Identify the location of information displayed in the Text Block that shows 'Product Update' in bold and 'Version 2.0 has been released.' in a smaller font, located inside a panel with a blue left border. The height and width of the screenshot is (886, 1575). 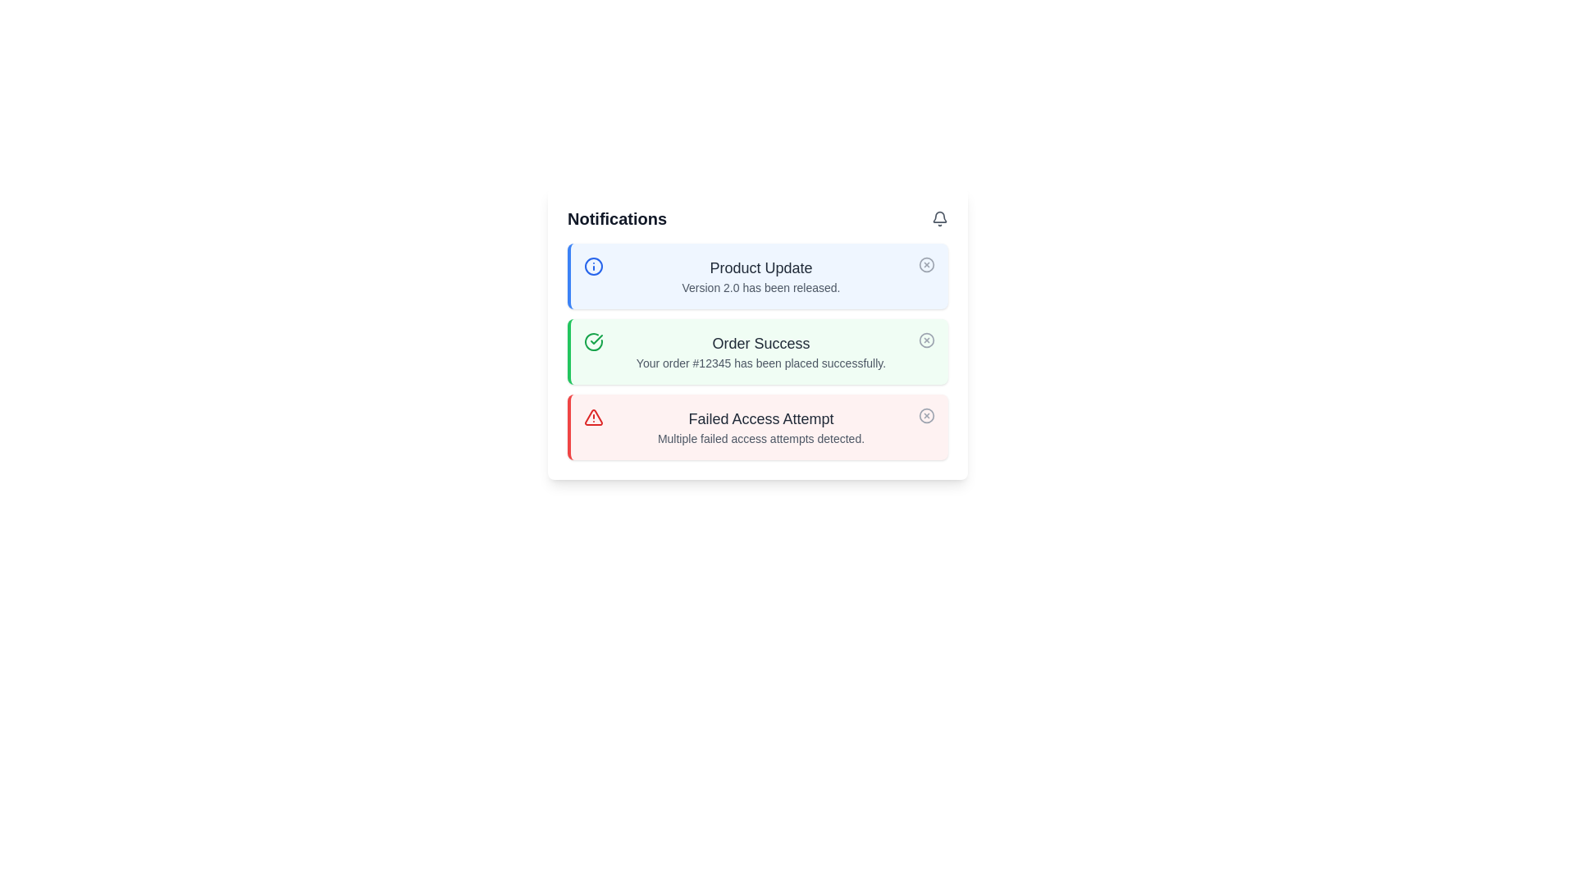
(760, 275).